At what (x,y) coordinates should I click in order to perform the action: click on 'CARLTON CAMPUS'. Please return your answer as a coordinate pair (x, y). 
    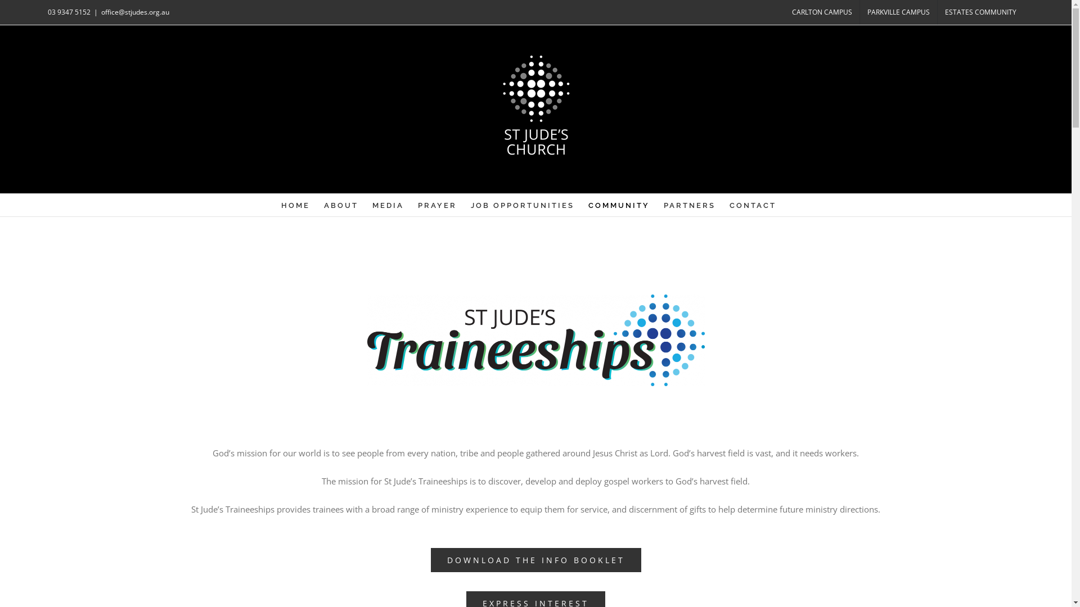
    Looking at the image, I should click on (822, 12).